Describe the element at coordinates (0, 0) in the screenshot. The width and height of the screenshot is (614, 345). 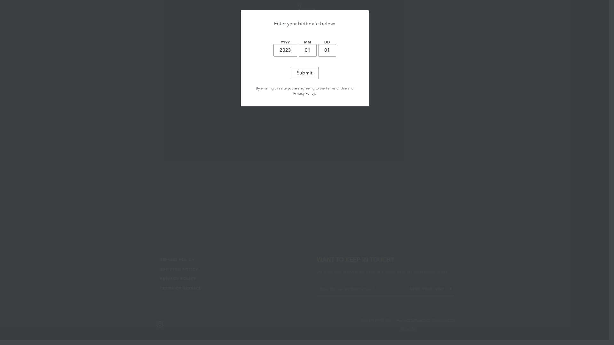
I see `'Skip to content'` at that location.